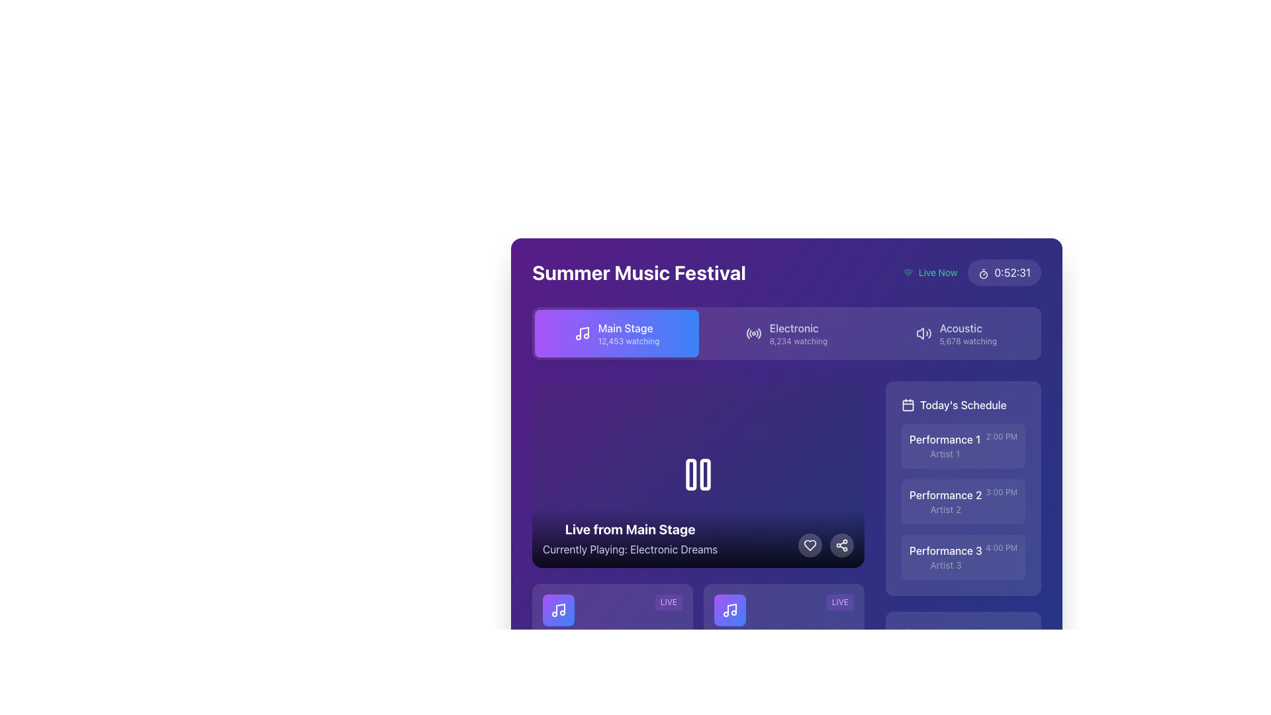 This screenshot has width=1271, height=715. Describe the element at coordinates (929, 272) in the screenshot. I see `the Status Indicator with a Wi-Fi icon and 'Live Now' text in bright green color for status information` at that location.